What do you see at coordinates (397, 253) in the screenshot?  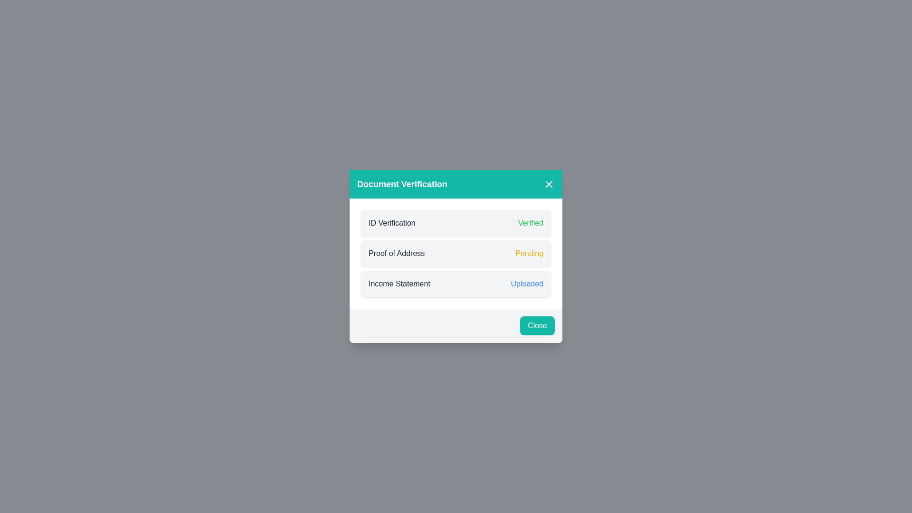 I see `static text label displaying 'Proof of Address' located in the second row of a list within the 'Document Verification' modal window` at bounding box center [397, 253].